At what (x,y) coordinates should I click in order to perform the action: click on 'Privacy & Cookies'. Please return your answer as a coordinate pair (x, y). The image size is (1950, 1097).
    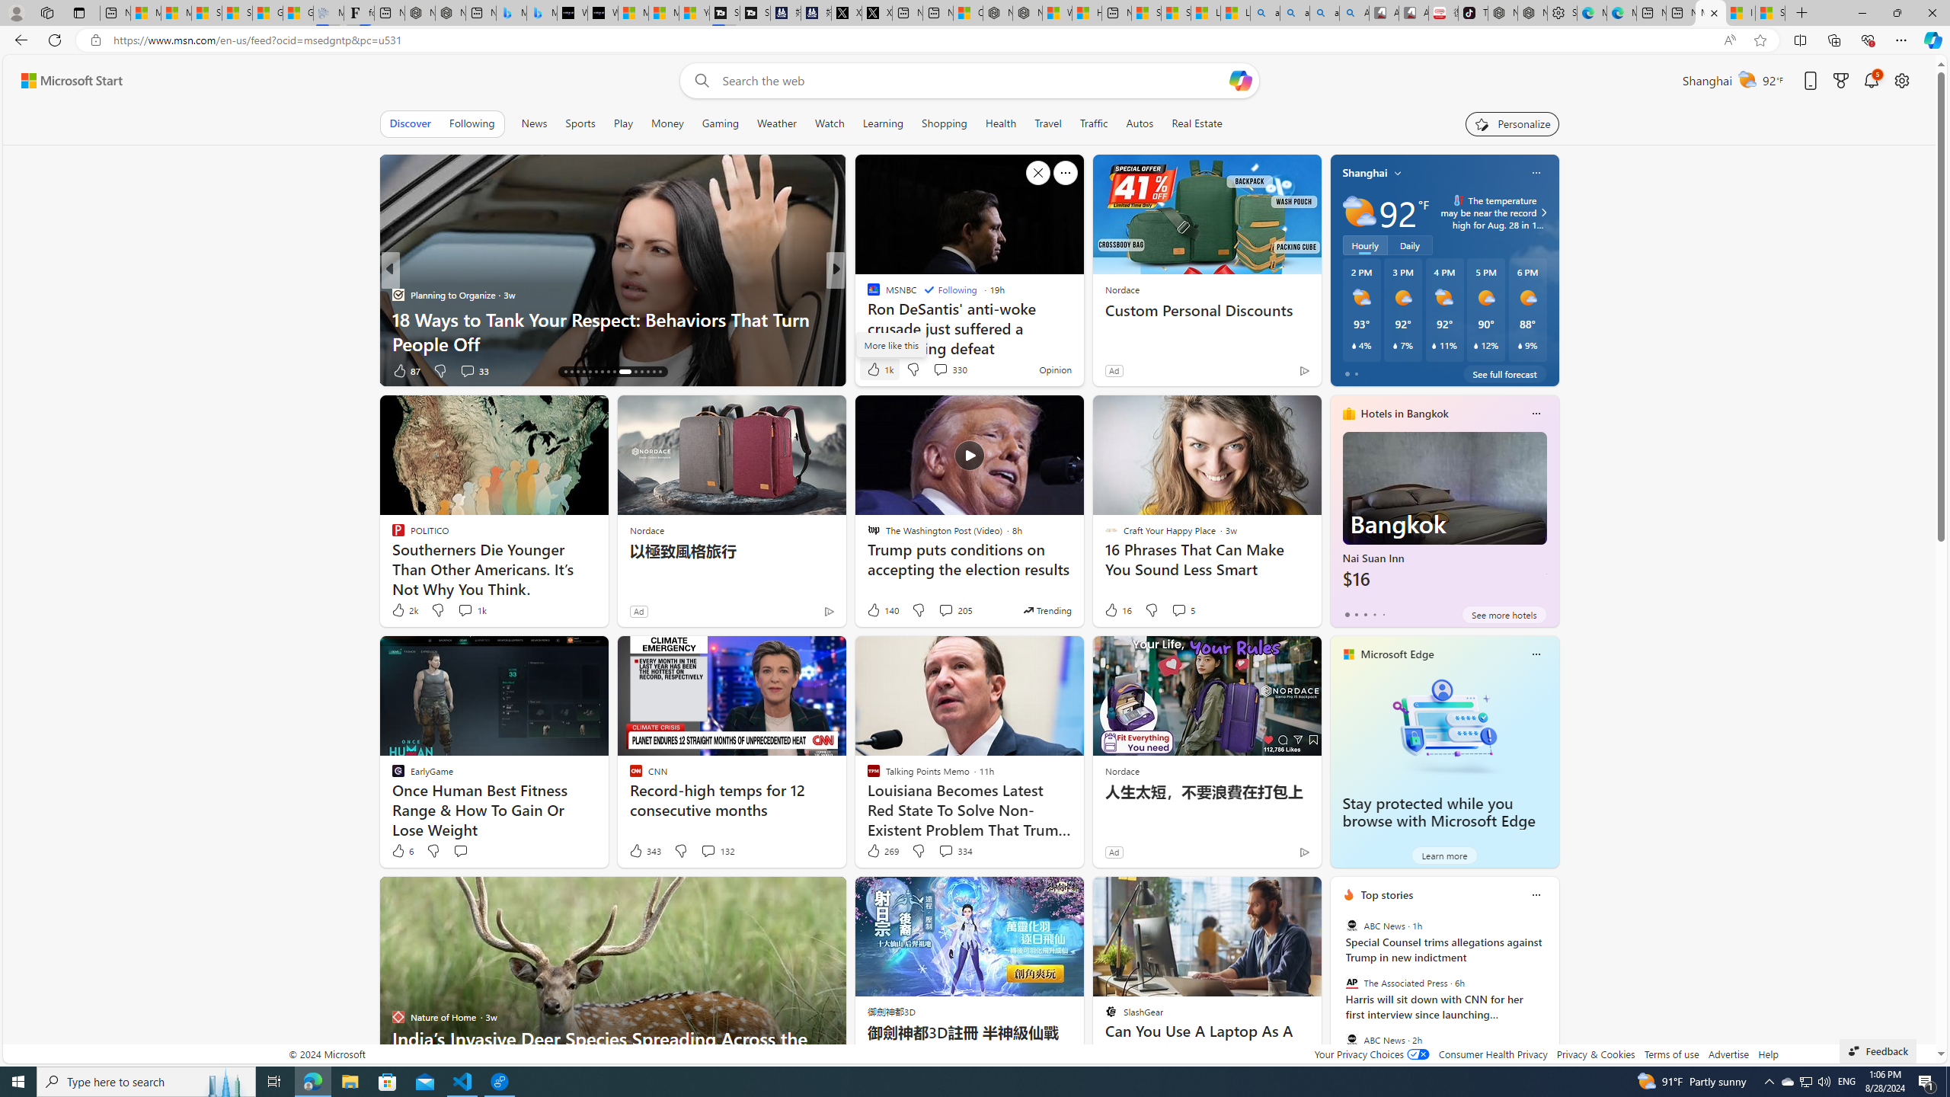
    Looking at the image, I should click on (1596, 1053).